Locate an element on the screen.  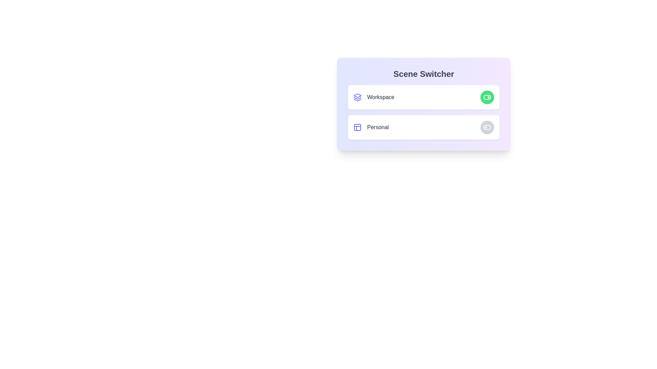
the Toggle background element of the toggle switch in the 'Personal' row of the 'Scene Switcher' interface is located at coordinates (487, 127).